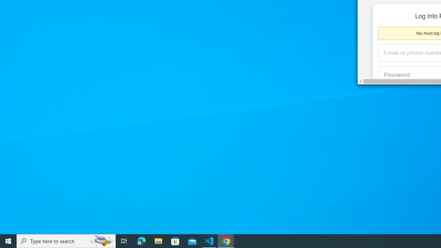  What do you see at coordinates (209, 240) in the screenshot?
I see `'Visual Studio Code - 1 running window'` at bounding box center [209, 240].